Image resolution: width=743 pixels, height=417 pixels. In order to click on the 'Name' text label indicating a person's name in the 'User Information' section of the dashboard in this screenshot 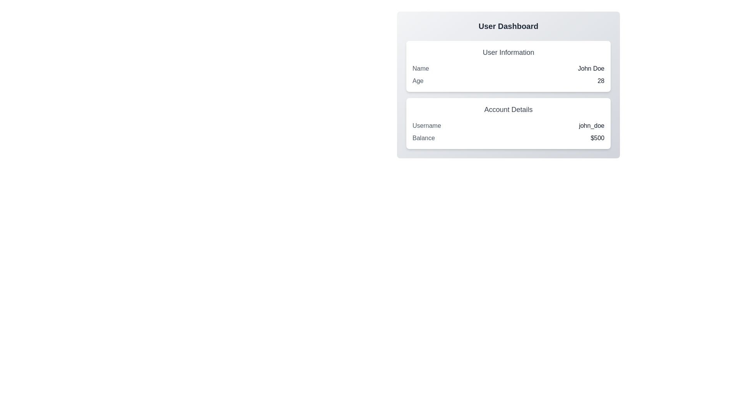, I will do `click(420, 68)`.